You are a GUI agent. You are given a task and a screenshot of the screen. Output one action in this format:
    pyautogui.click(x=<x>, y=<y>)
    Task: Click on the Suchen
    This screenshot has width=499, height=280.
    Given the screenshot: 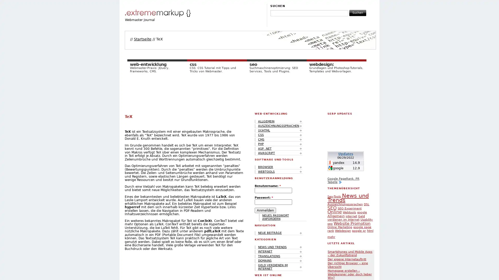 What is the action you would take?
    pyautogui.click(x=357, y=12)
    